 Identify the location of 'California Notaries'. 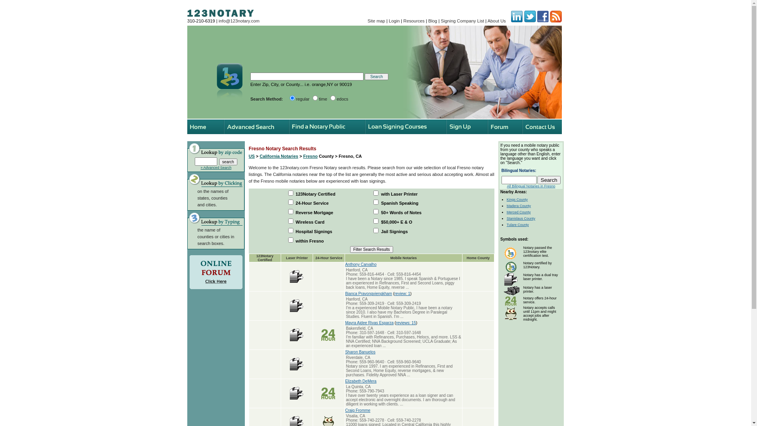
(259, 156).